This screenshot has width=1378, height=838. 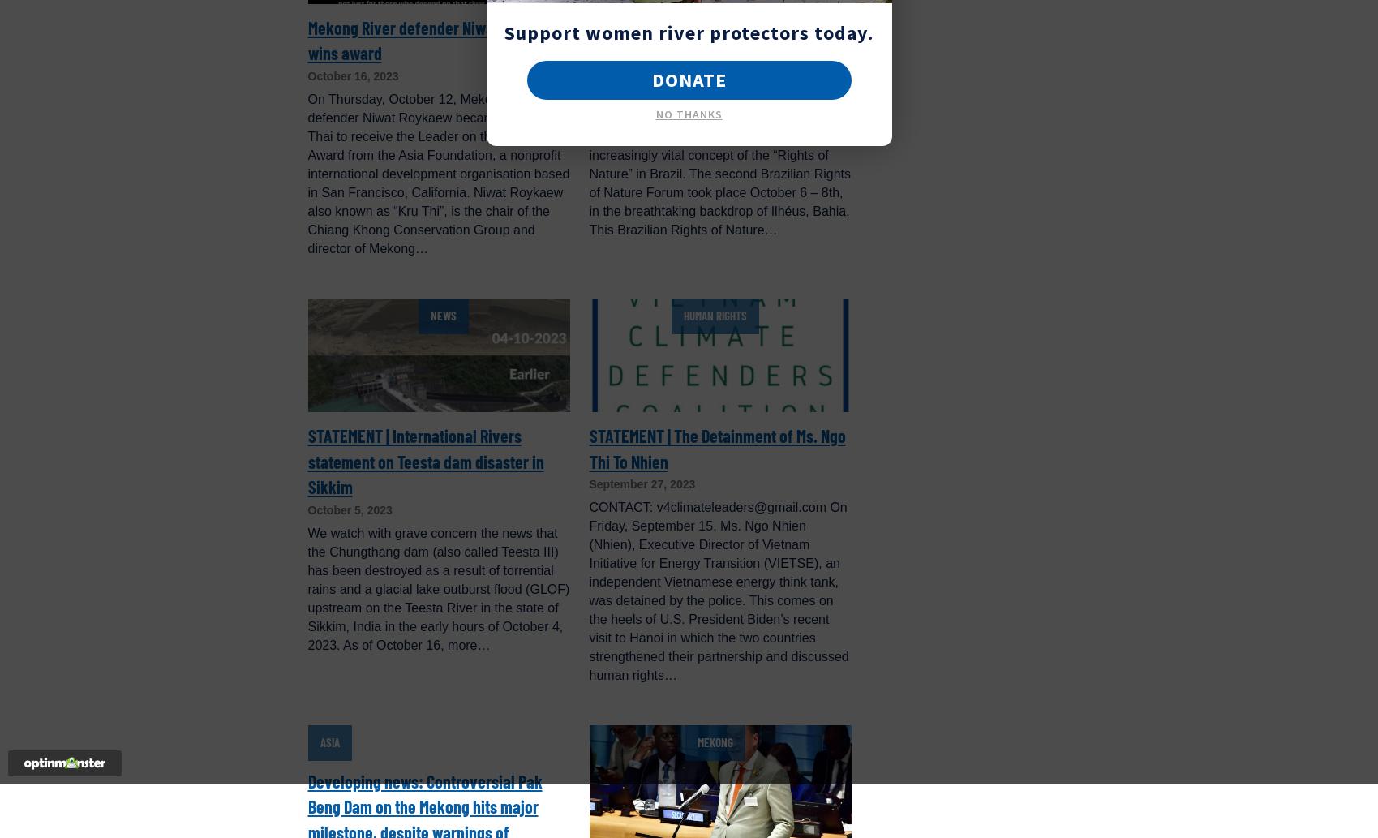 I want to click on 'We watch with grave concern the news that the Chungthang dam (also called Teesta III) has been destroyed as a result of torrential rains and a glacial lake outburst flood (GLOF) upstream on the Teesta River in the state of Sikkim, India in the early hours of October 4, 2023. As of October 16, more…', so click(x=437, y=588).